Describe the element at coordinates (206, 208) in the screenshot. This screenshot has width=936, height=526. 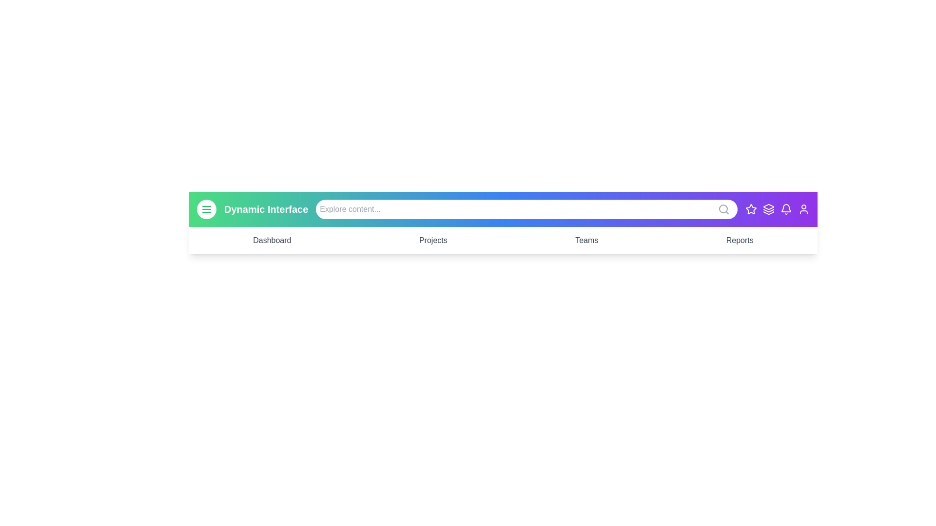
I see `the menu button to toggle the menu state` at that location.